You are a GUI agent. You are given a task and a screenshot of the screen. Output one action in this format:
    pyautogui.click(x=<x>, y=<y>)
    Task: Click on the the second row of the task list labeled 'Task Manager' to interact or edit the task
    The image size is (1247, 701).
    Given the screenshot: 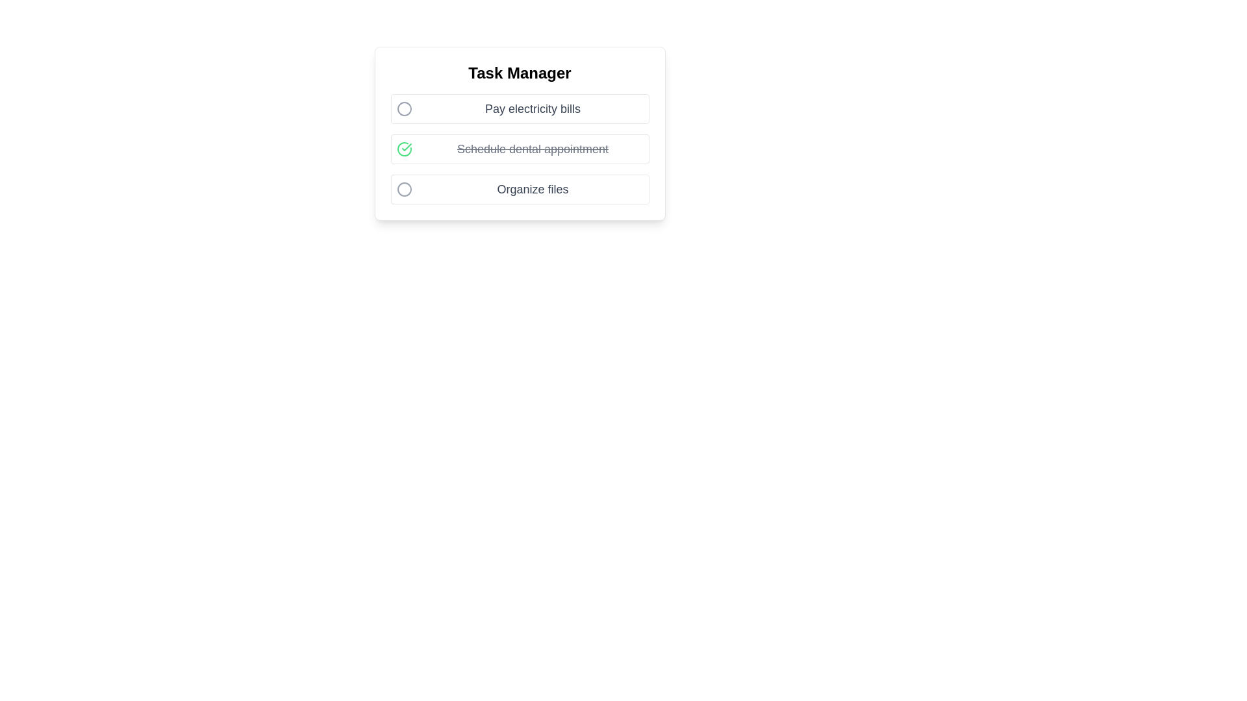 What is the action you would take?
    pyautogui.click(x=520, y=133)
    